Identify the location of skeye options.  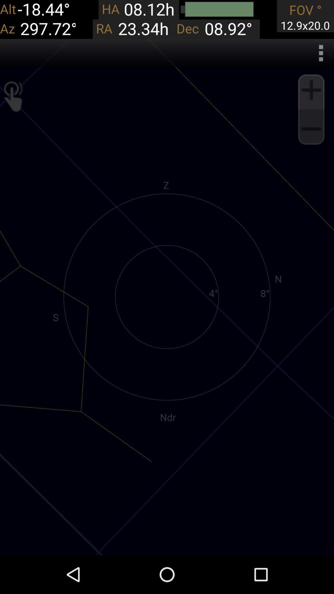
(320, 53).